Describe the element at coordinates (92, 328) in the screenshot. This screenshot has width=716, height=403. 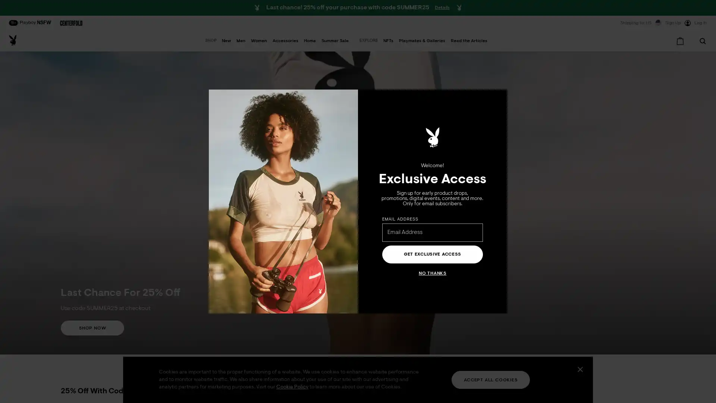
I see `SHOP NOW` at that location.